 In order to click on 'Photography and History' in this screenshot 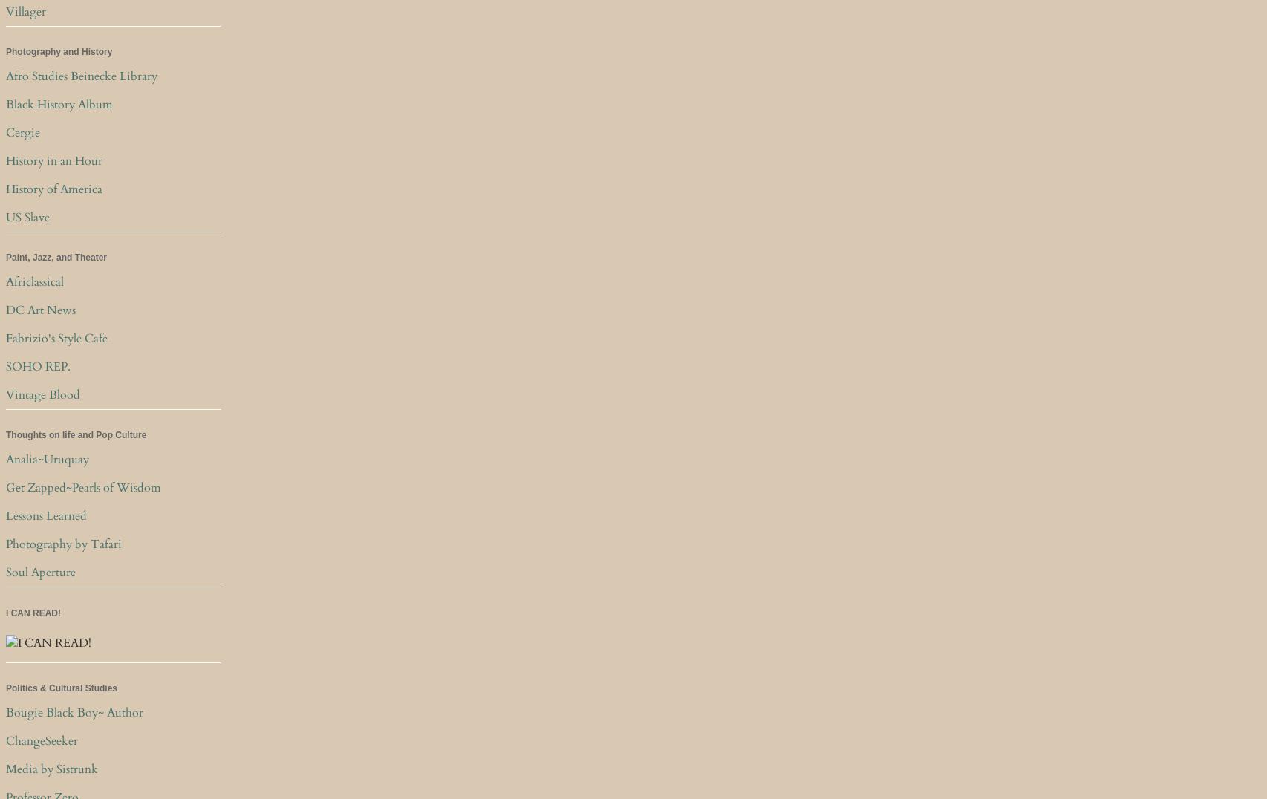, I will do `click(59, 52)`.